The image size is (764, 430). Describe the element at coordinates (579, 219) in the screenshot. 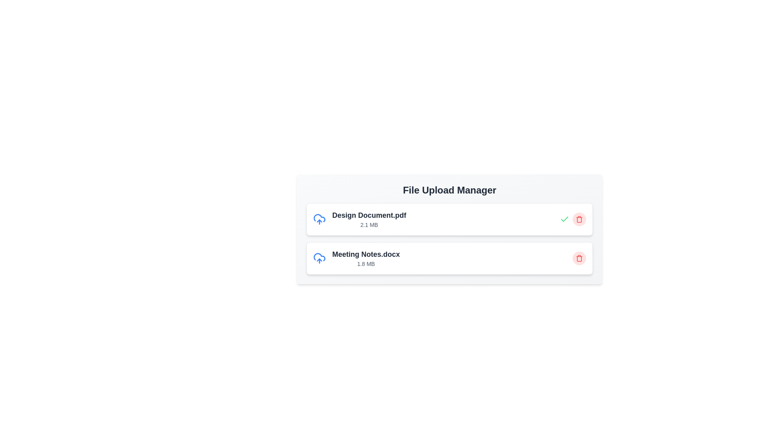

I see `trash icon corresponding to the file named Design Document.pdf to remove it` at that location.